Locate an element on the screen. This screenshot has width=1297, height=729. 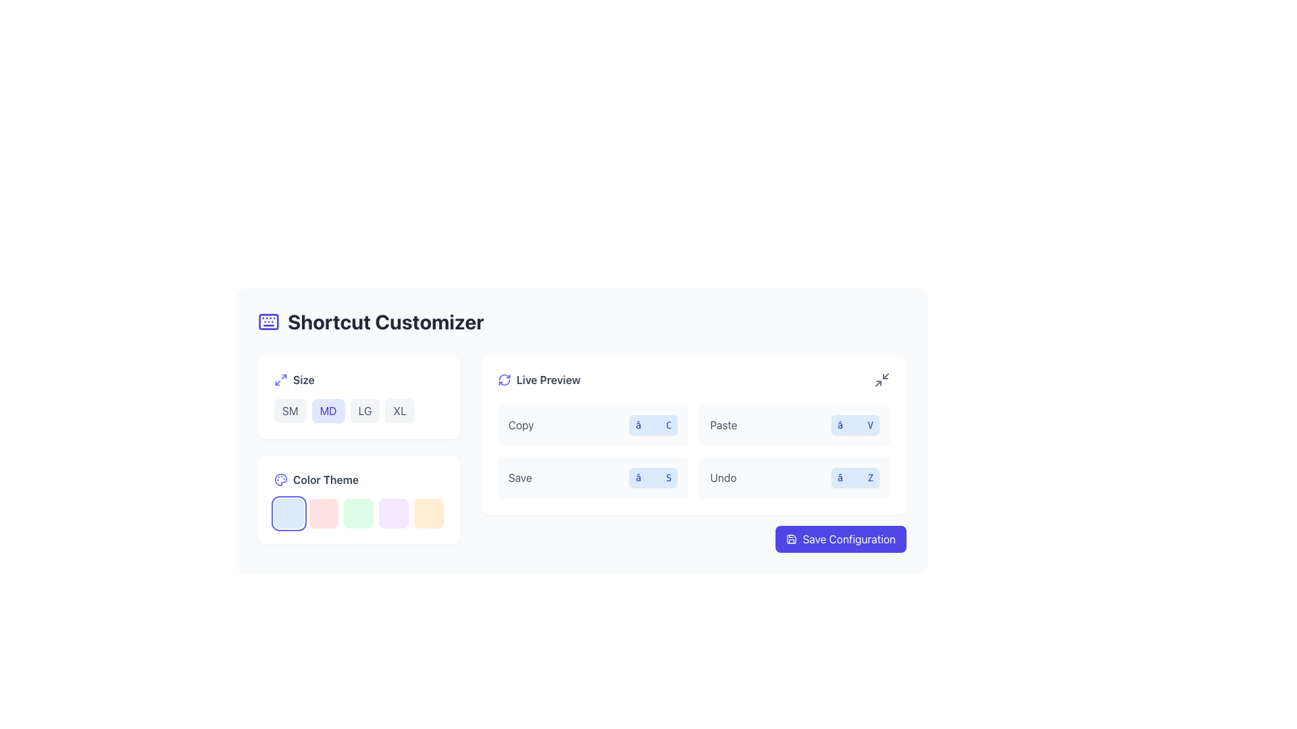
the displayed keyboard shortcut for the 'Save' action, located to the right of the 'Save' label in the 'Live Preview' section is located at coordinates (653, 477).